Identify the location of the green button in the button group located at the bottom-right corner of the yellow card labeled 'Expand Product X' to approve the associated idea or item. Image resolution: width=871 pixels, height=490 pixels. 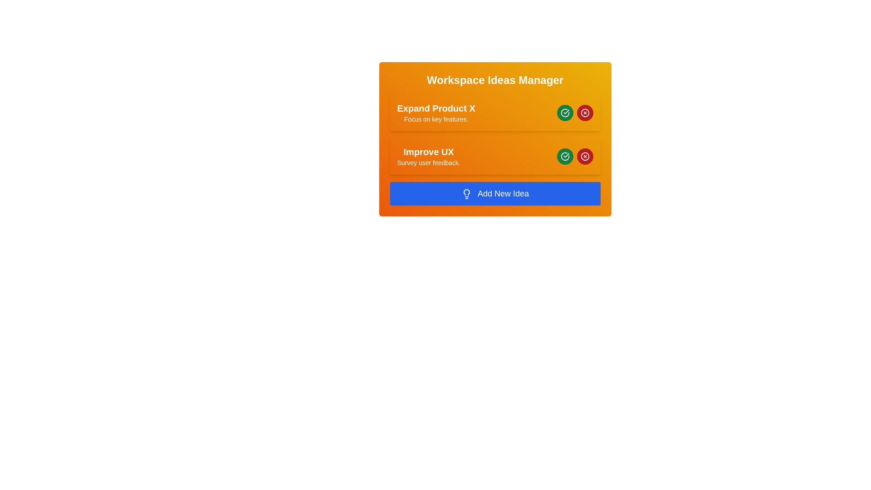
(574, 113).